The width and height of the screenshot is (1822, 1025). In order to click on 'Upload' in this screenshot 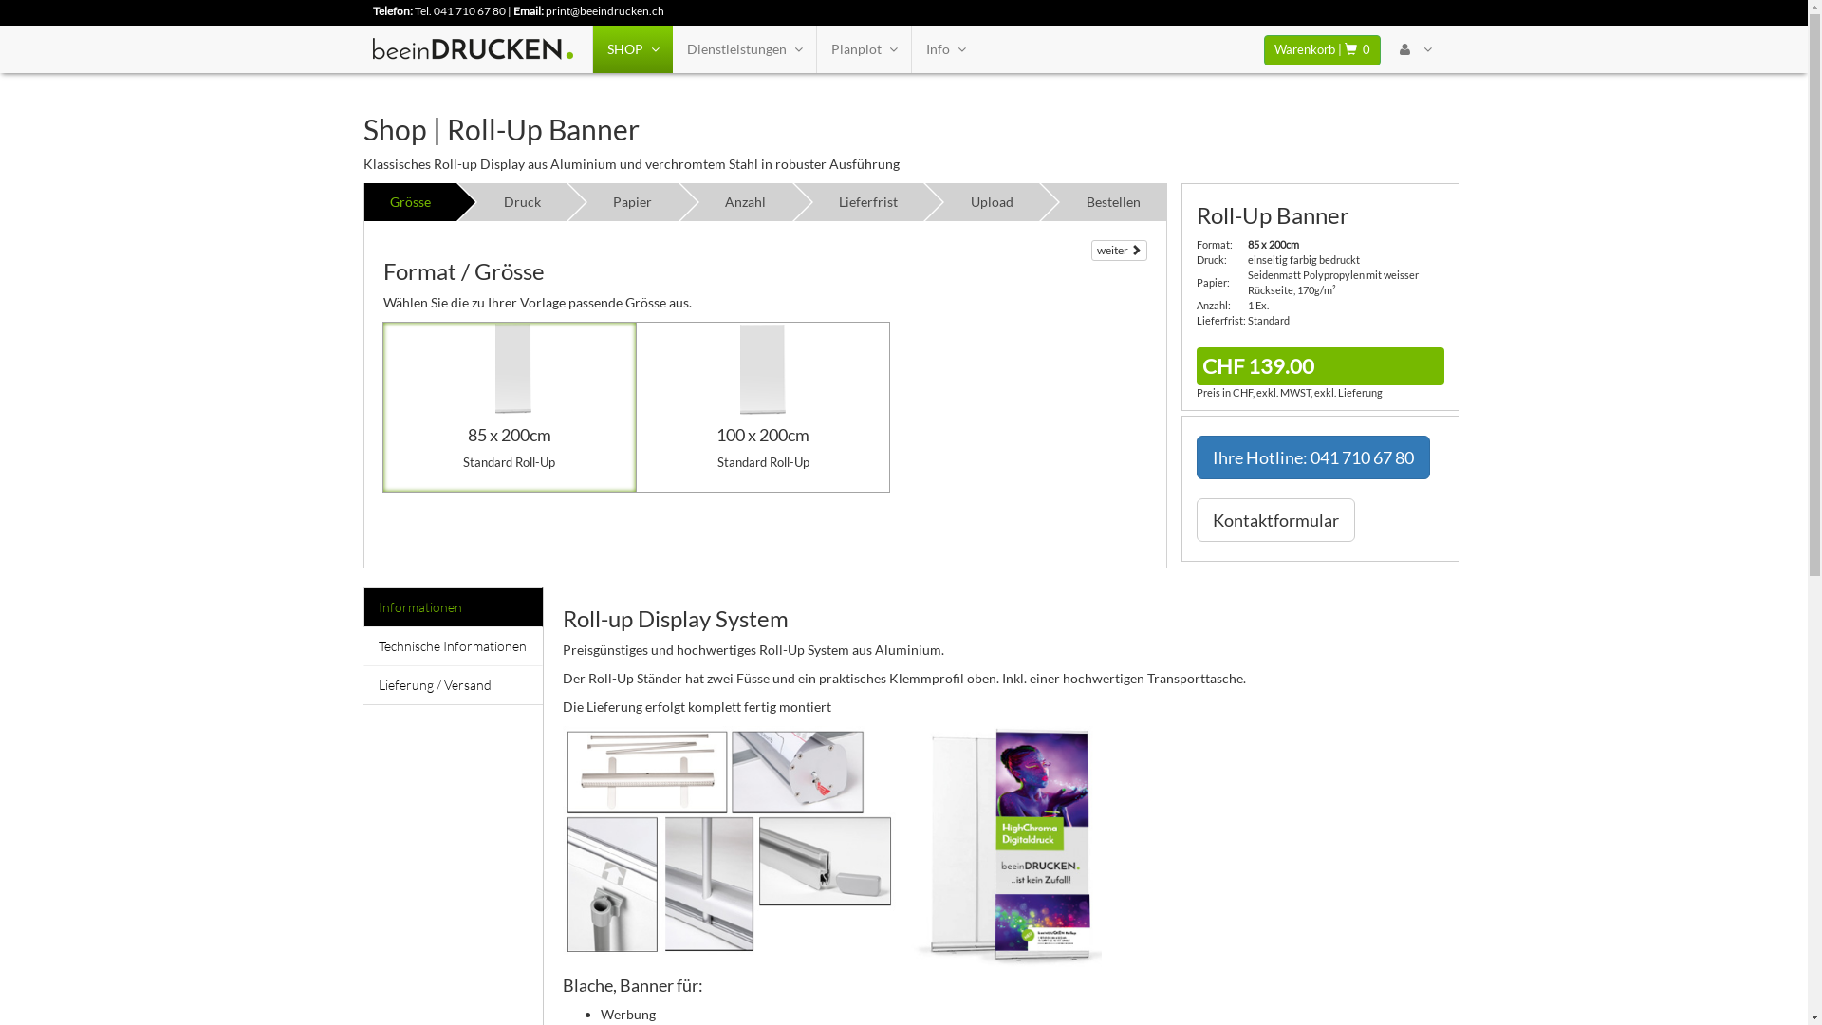, I will do `click(991, 201)`.